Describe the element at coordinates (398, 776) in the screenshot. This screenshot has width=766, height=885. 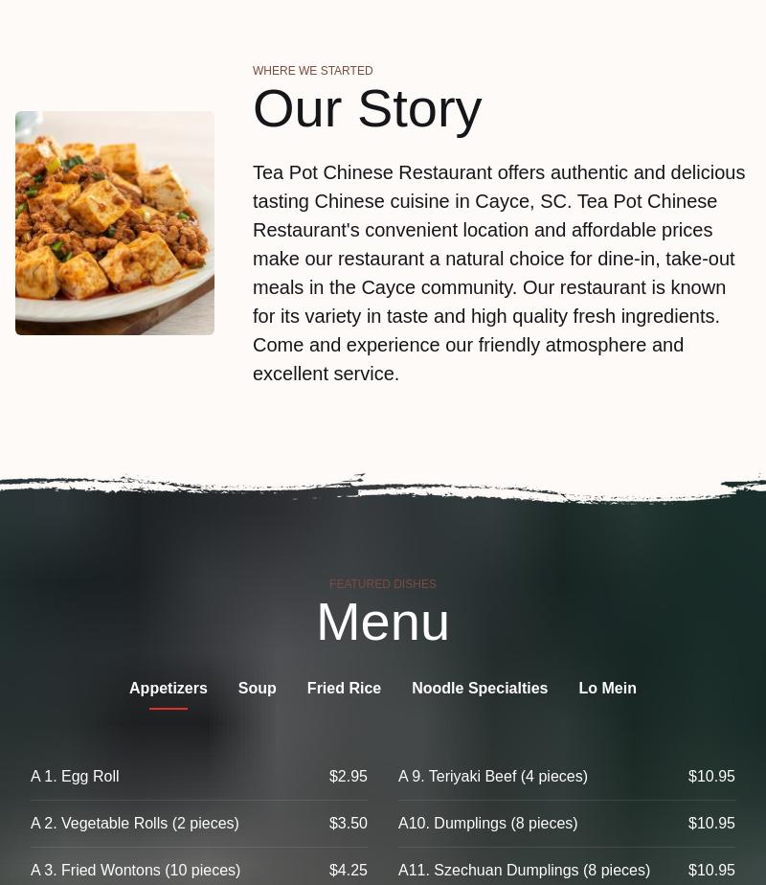
I see `'A 9. Teriyaki Beef (4 pieces)'` at that location.